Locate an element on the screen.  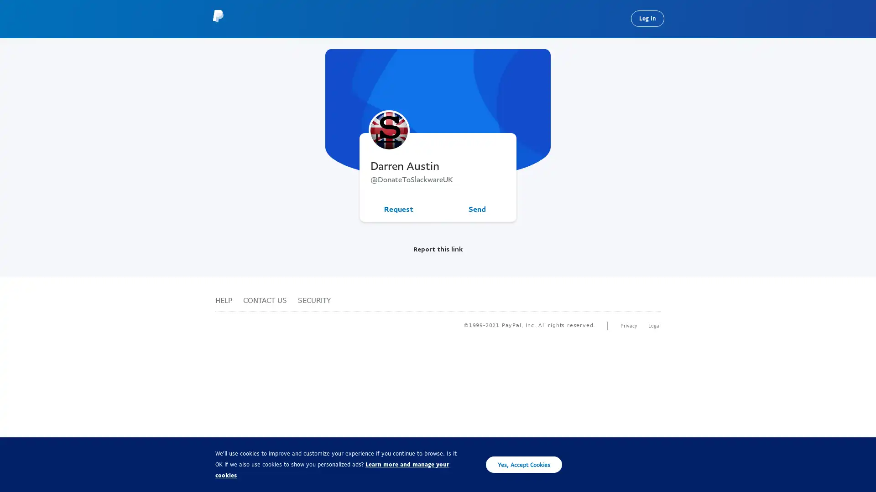
Yes, Accept Cookies is located at coordinates (524, 464).